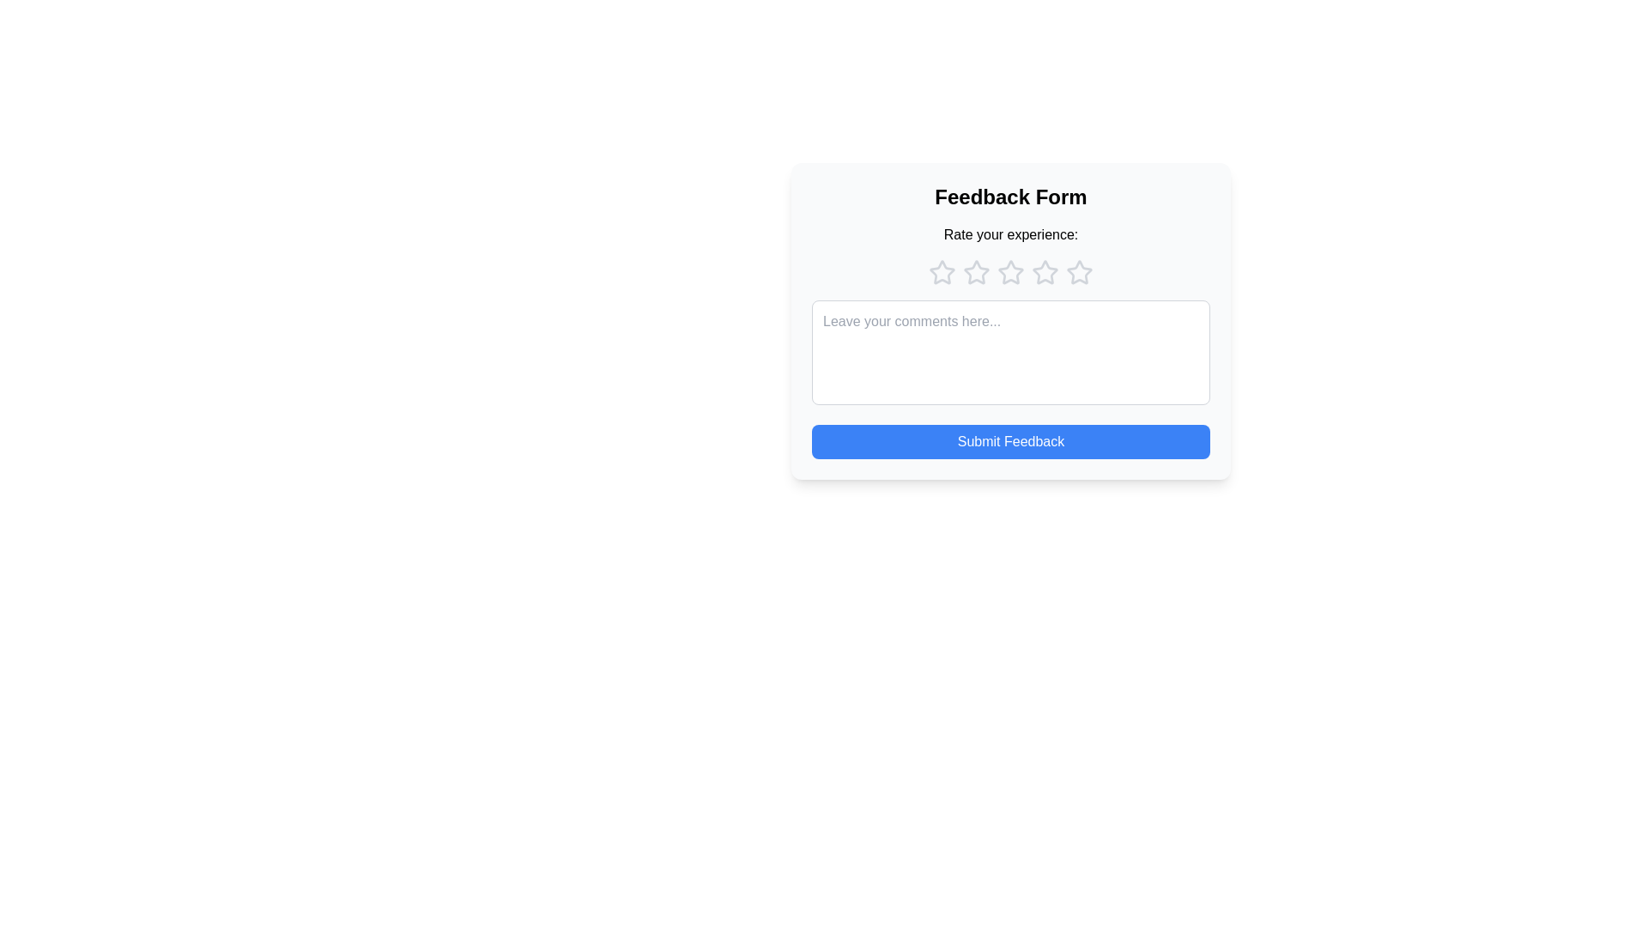 The image size is (1648, 927). What do you see at coordinates (1045, 271) in the screenshot?
I see `the third star in the five-star rating system` at bounding box center [1045, 271].